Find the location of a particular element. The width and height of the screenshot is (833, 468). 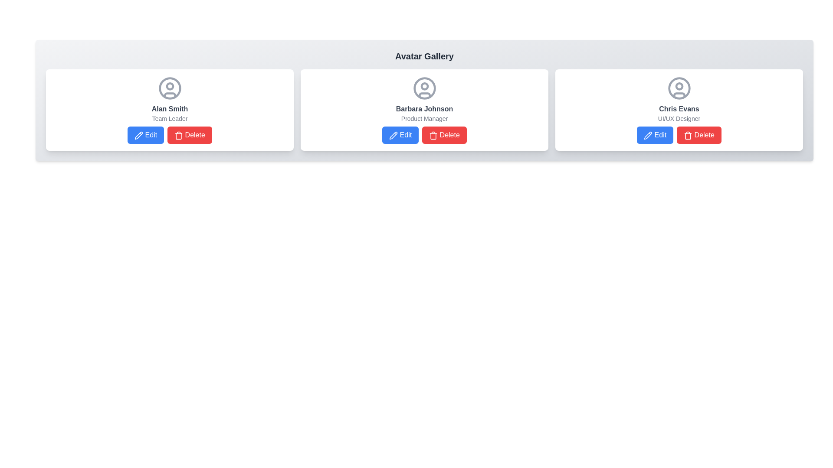

the 'Delete' button in the Button group below 'Chris Evans' and 'UI/UX Designer' is located at coordinates (679, 135).